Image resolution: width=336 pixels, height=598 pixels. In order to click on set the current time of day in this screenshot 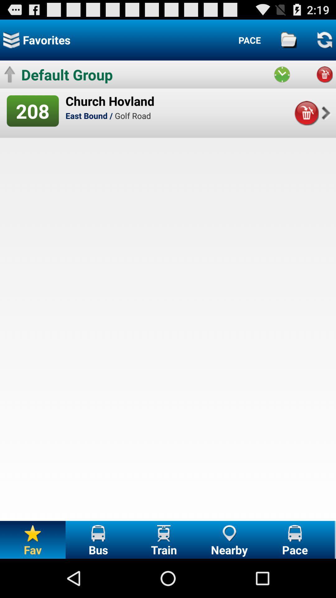, I will do `click(282, 74)`.